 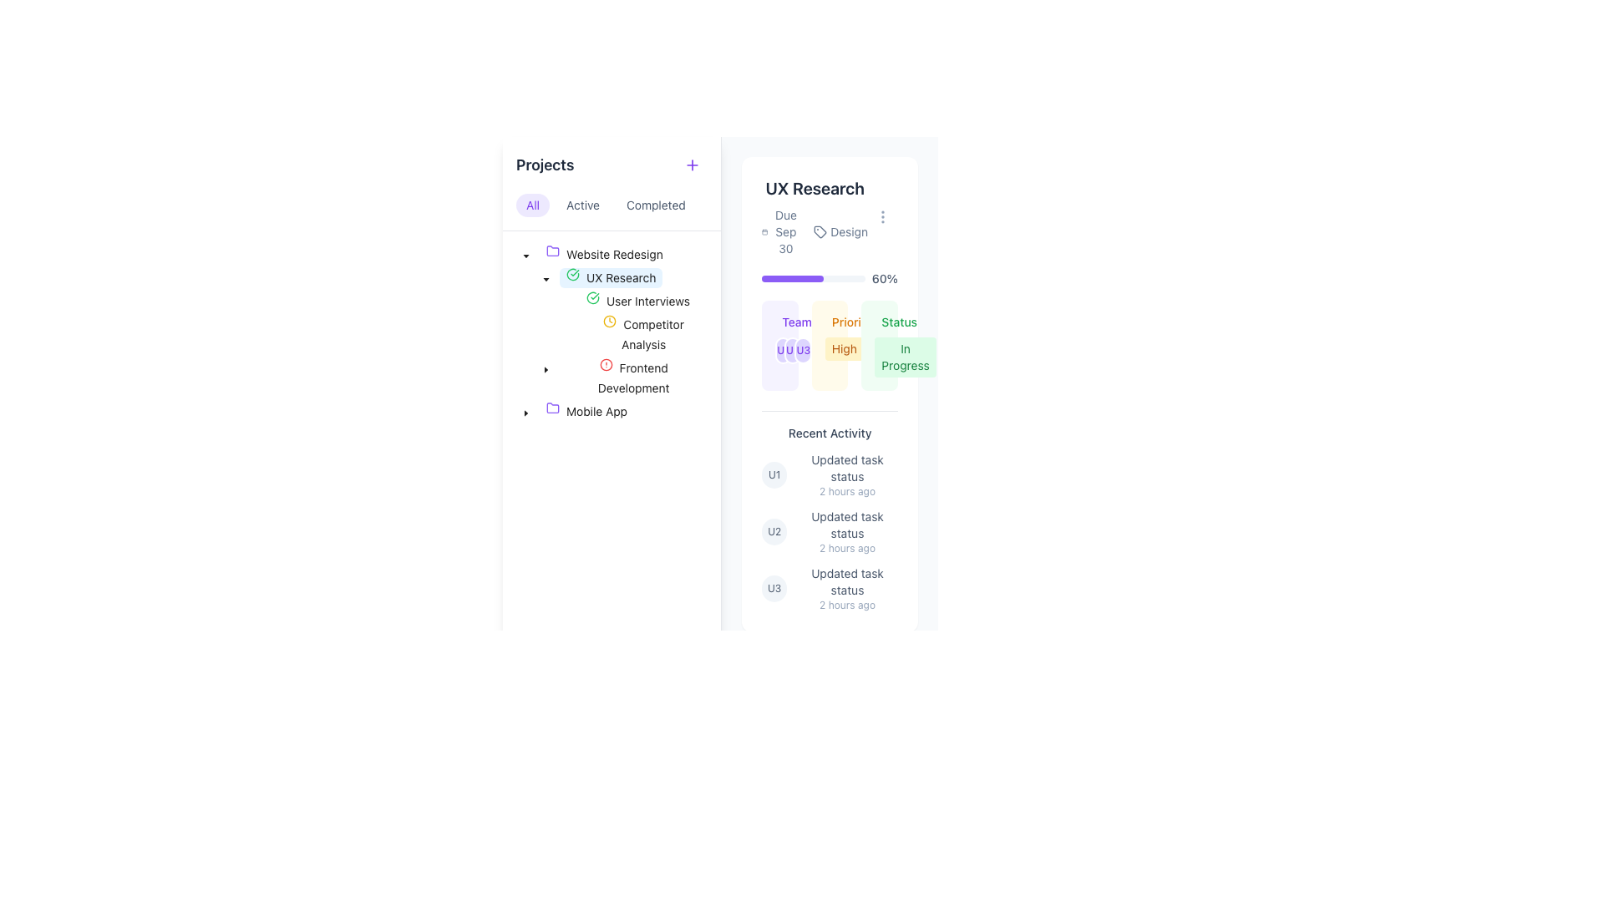 I want to click on the status indication of the Checkmark icon indicating the completion status for 'User Interviews' within the 'UX Research' section, so click(x=593, y=297).